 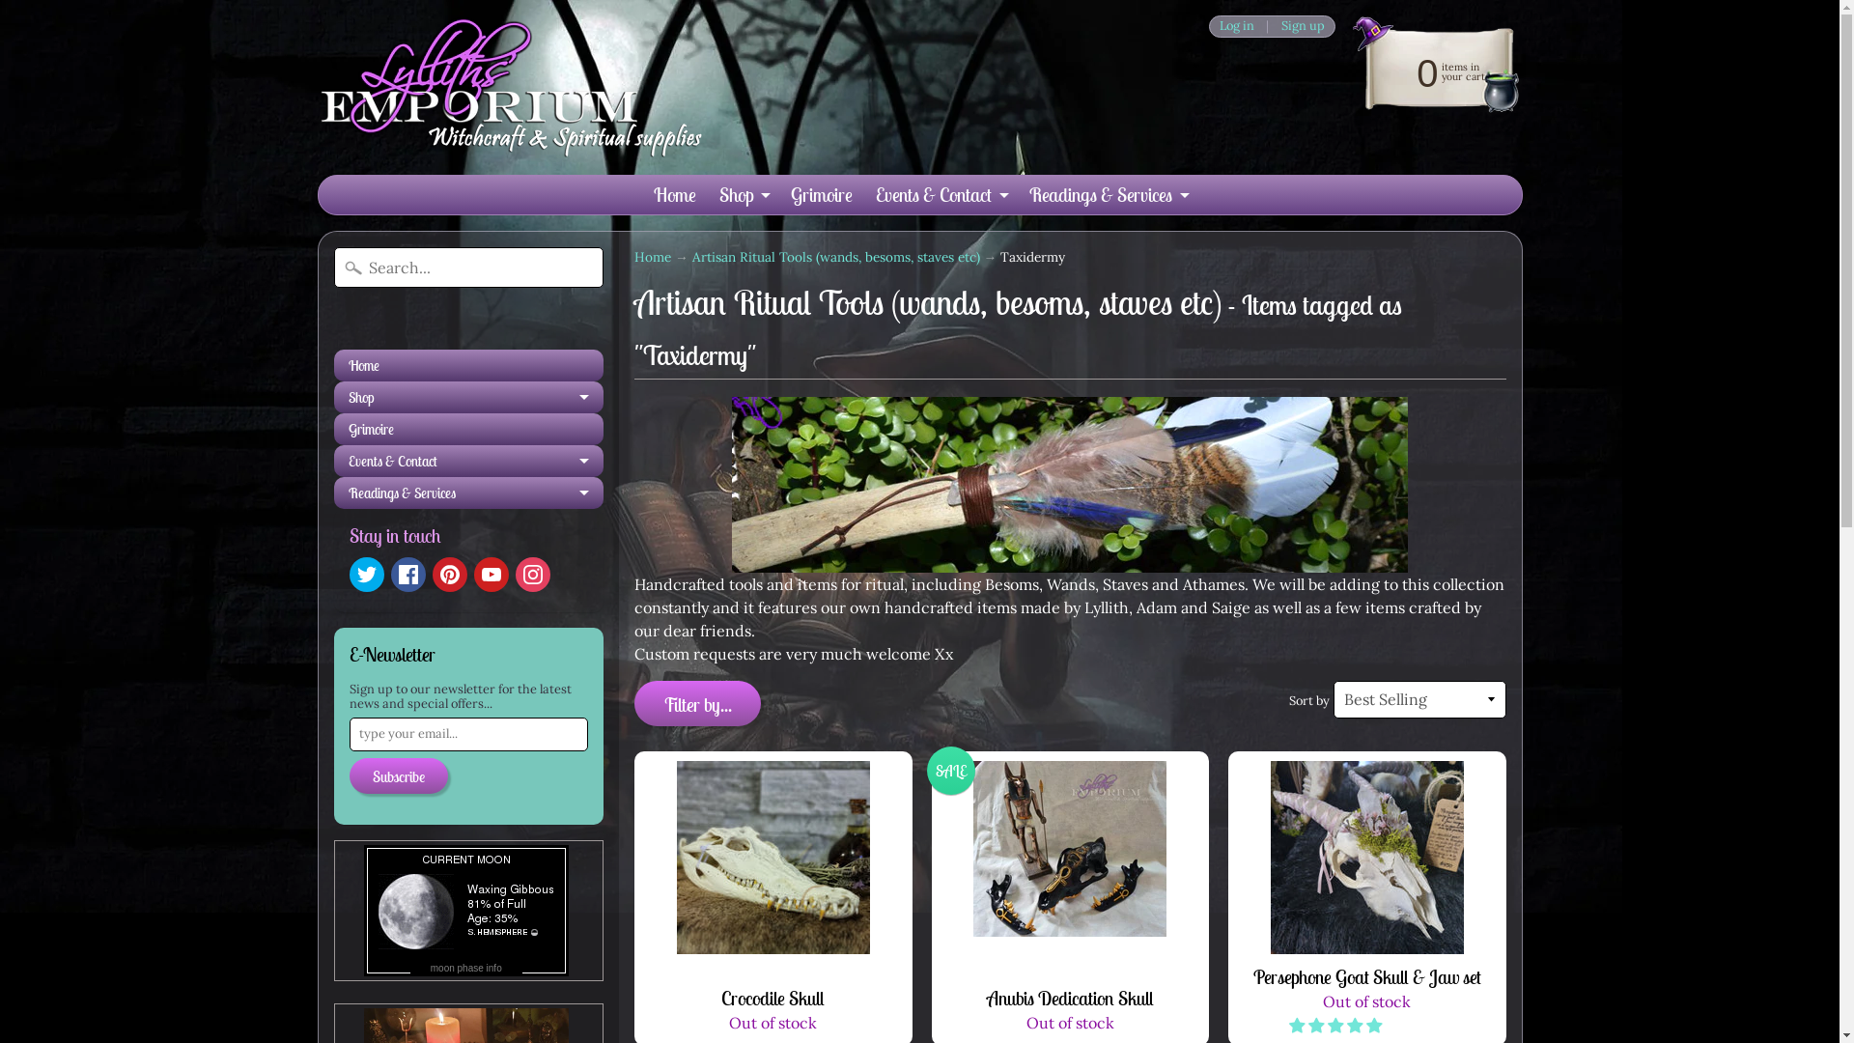 What do you see at coordinates (653, 256) in the screenshot?
I see `'Home'` at bounding box center [653, 256].